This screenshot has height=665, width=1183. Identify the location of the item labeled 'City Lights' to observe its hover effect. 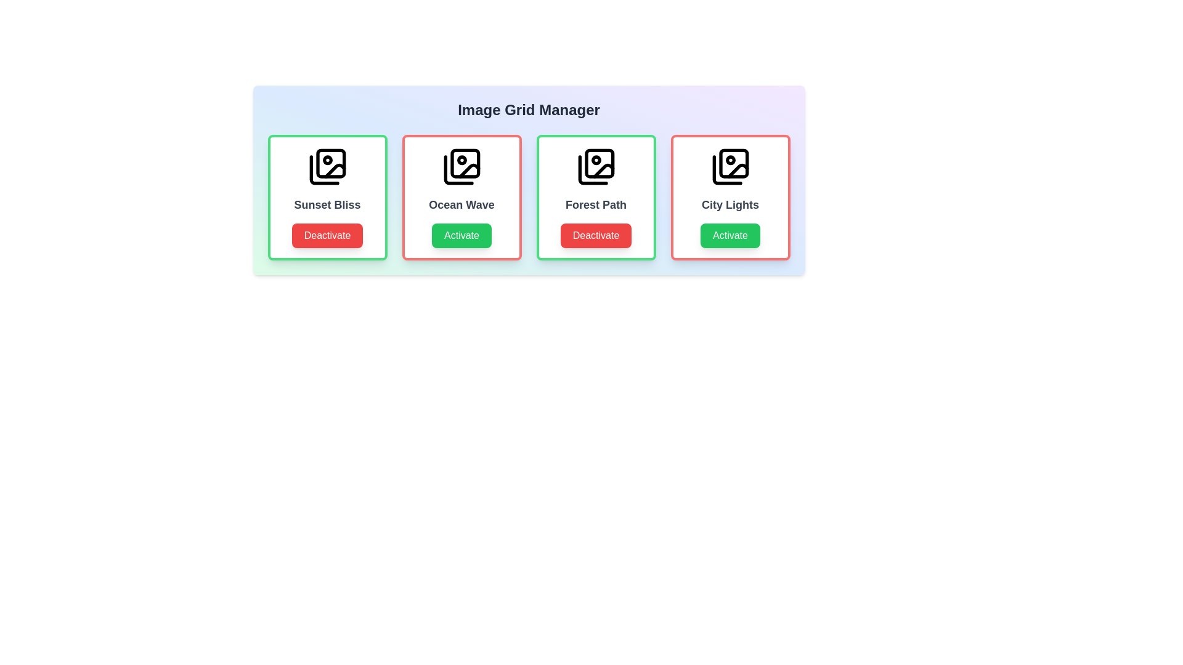
(730, 196).